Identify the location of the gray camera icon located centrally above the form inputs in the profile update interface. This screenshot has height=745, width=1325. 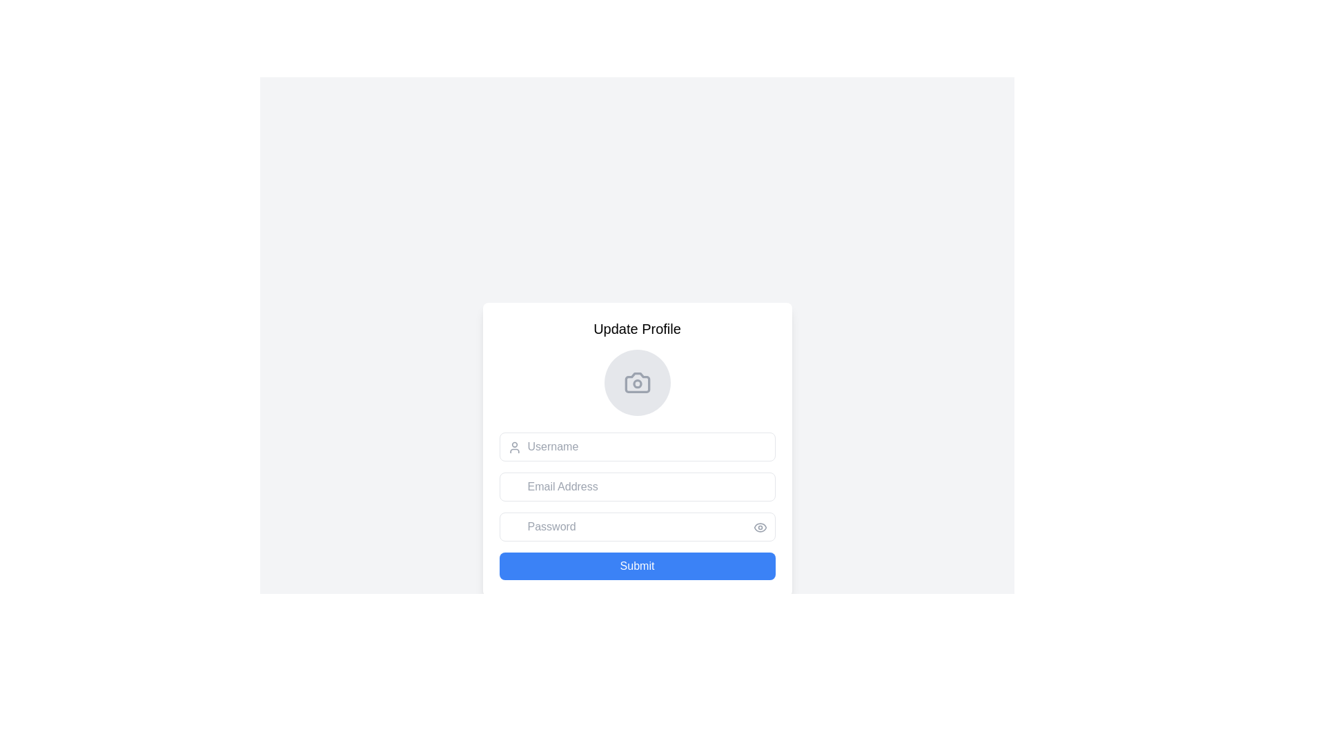
(636, 383).